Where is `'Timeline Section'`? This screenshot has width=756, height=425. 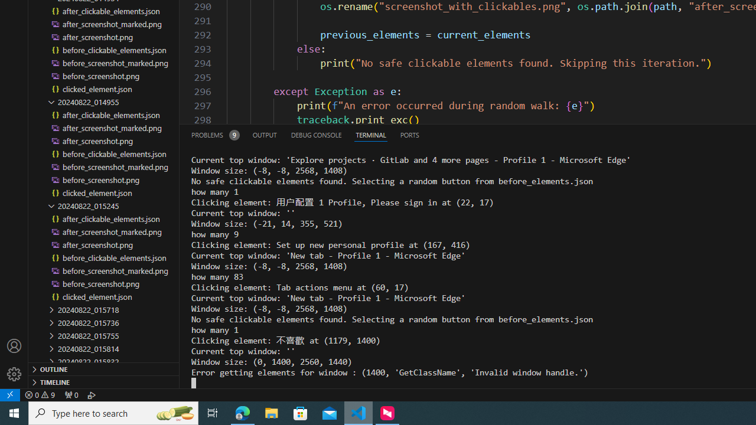 'Timeline Section' is located at coordinates (104, 381).